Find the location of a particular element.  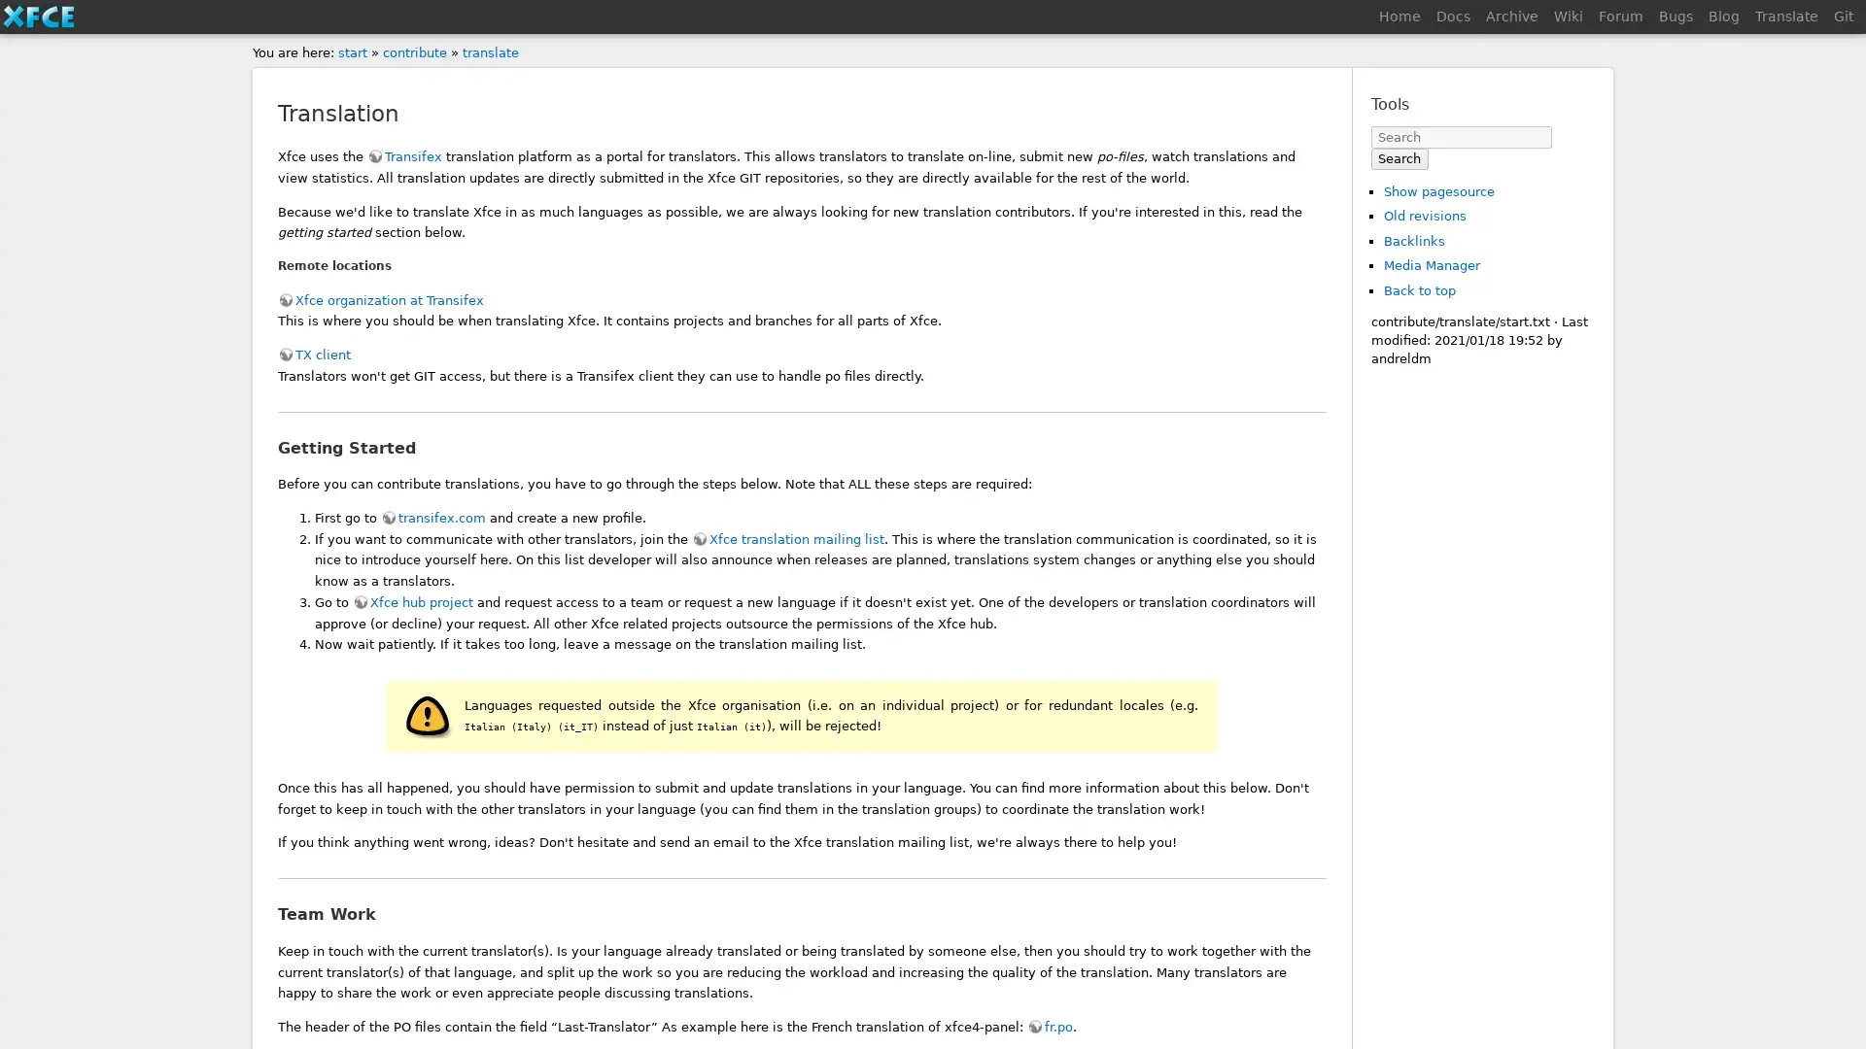

Search is located at coordinates (1399, 156).